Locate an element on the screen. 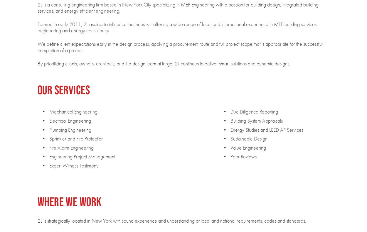 This screenshot has height=232, width=367. 'Engineering Project Management' is located at coordinates (82, 156).